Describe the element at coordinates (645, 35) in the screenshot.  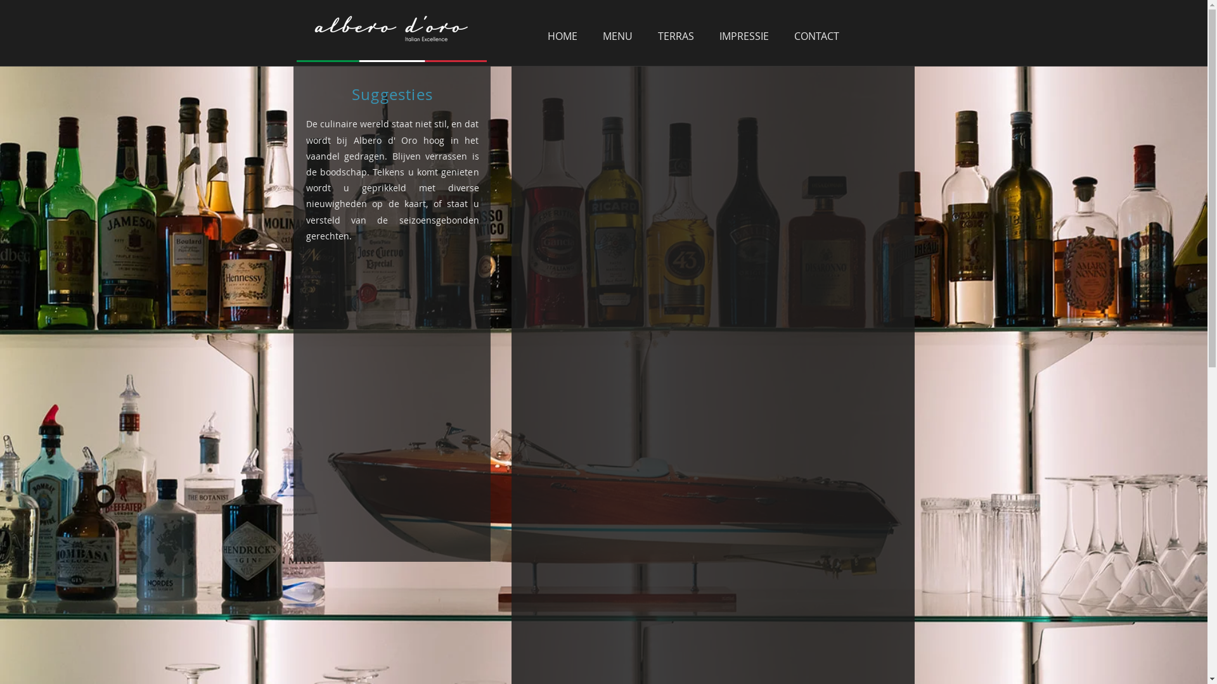
I see `'TERRAS'` at that location.